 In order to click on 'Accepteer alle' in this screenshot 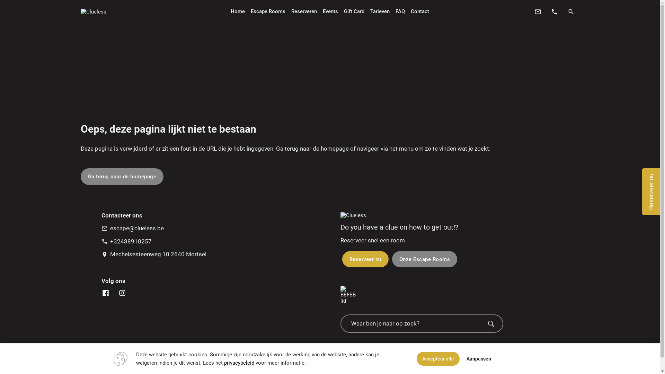, I will do `click(437, 358)`.